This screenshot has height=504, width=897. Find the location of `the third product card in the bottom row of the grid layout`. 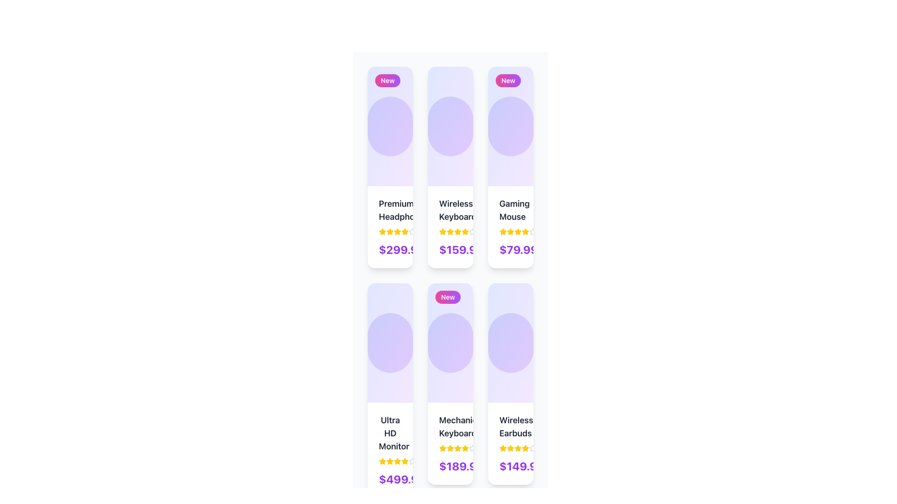

the third product card in the bottom row of the grid layout is located at coordinates (510, 384).